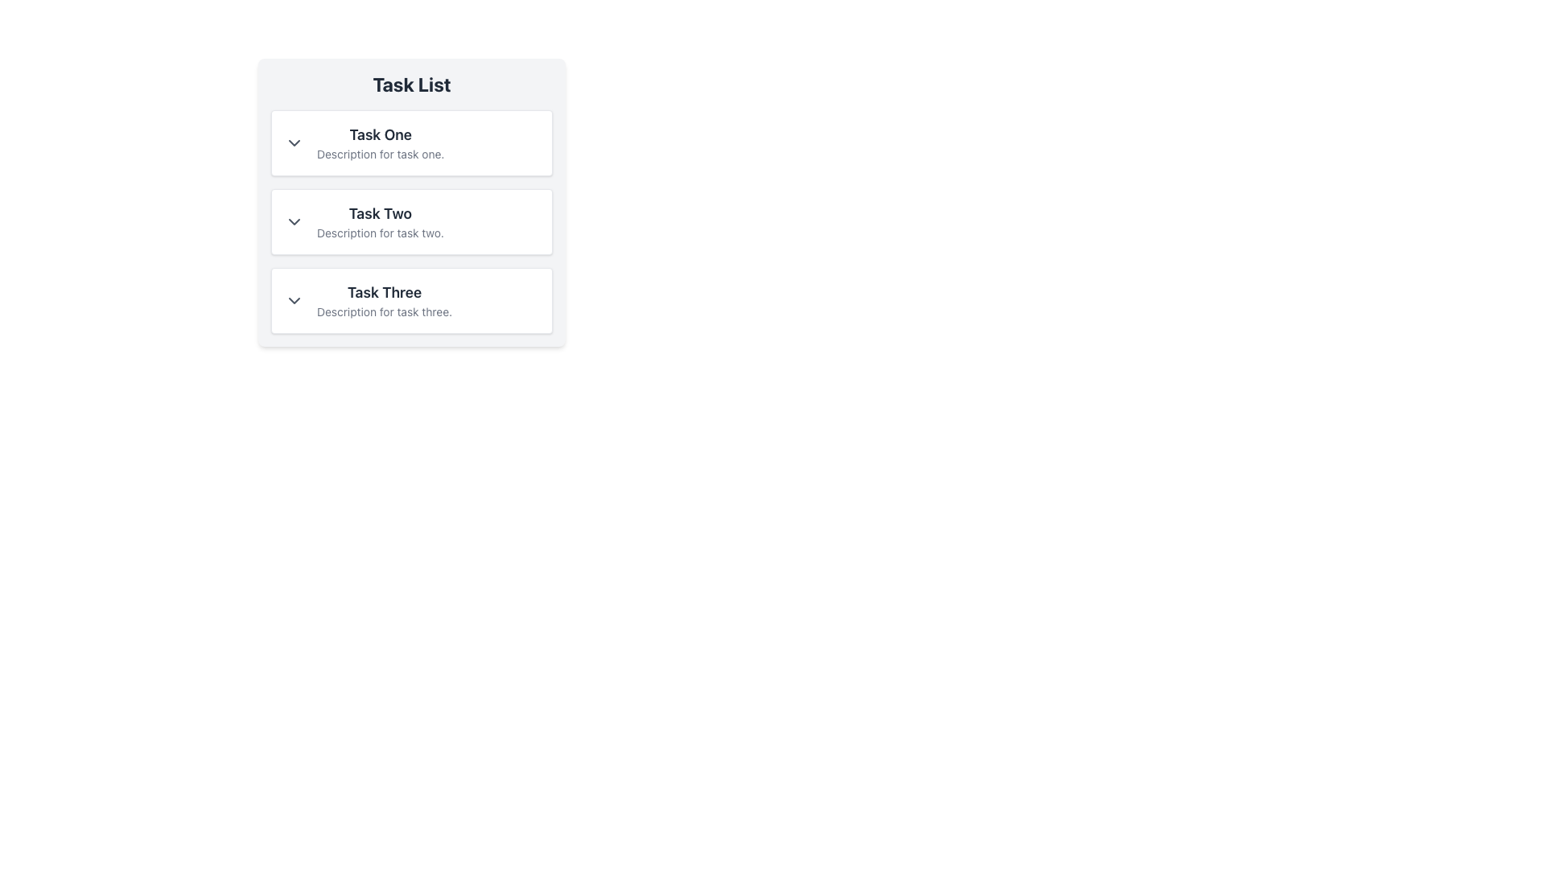 Image resolution: width=1545 pixels, height=869 pixels. I want to click on the Text Label displaying 'Task Three' in bold dark gray font, located in the third item of the 'Task List', so click(384, 292).